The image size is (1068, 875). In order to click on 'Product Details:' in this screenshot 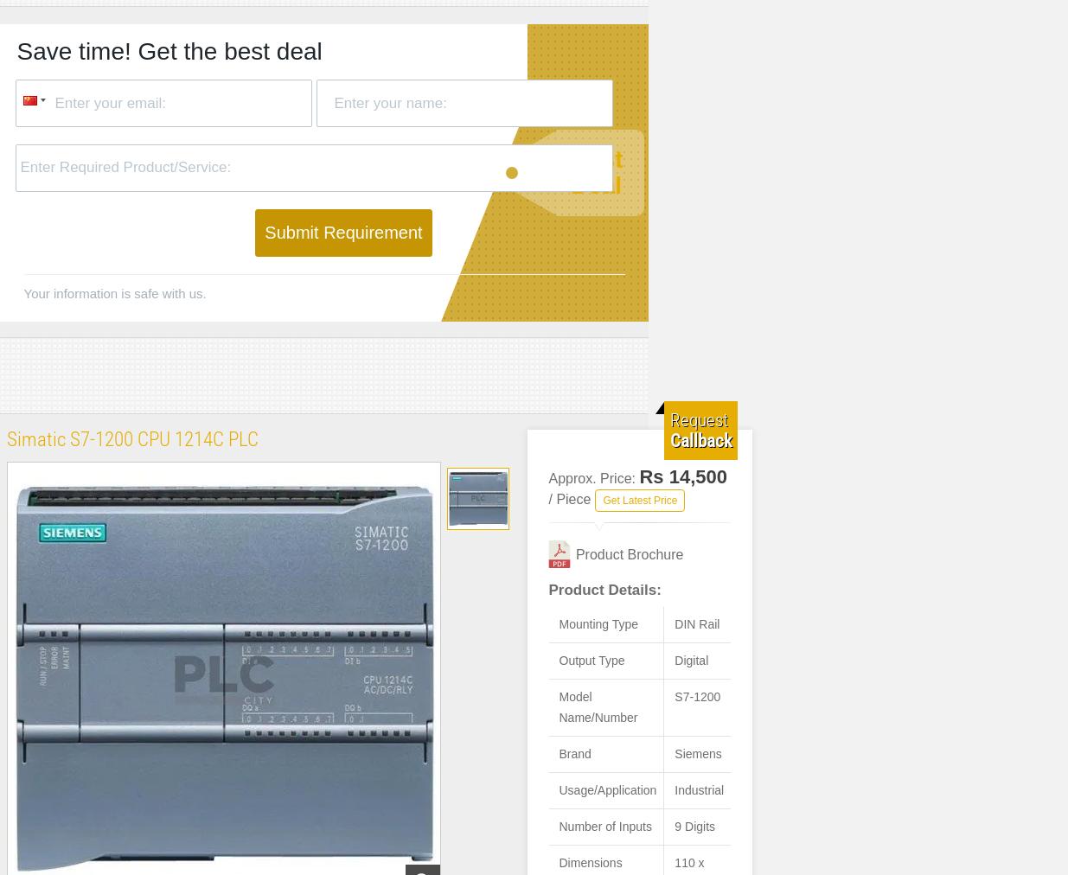, I will do `click(604, 590)`.